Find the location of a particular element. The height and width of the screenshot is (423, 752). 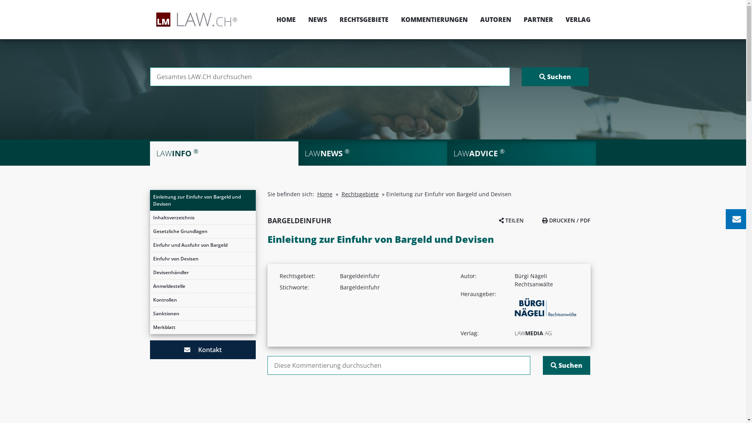

'Inhaltsverzeichnis' is located at coordinates (150, 217).